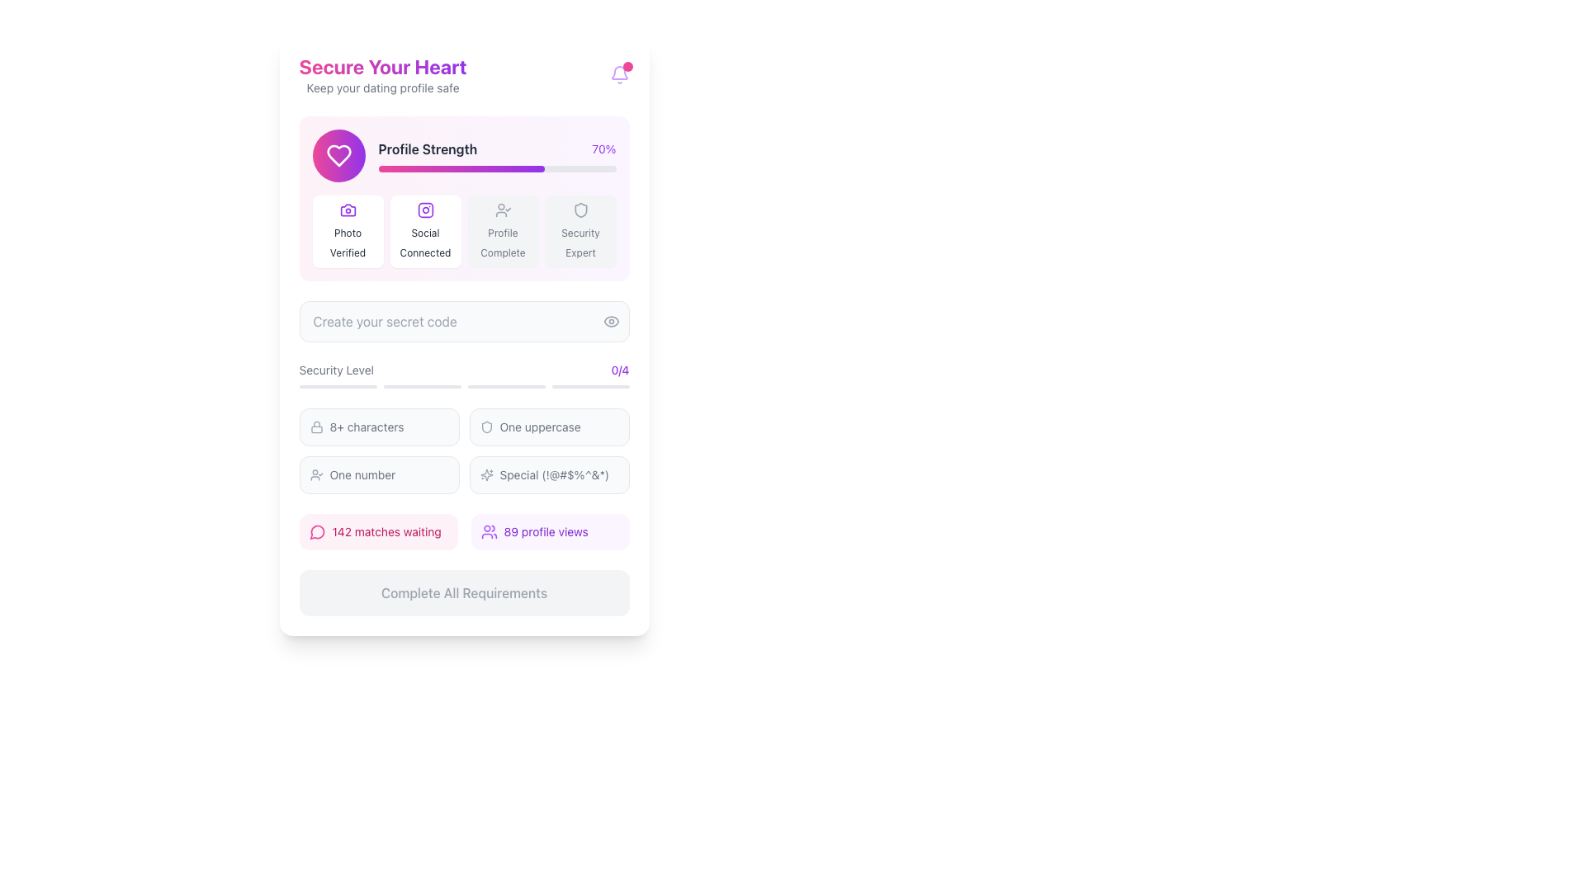 This screenshot has height=891, width=1585. What do you see at coordinates (425, 209) in the screenshot?
I see `the small Instagram logo icon` at bounding box center [425, 209].